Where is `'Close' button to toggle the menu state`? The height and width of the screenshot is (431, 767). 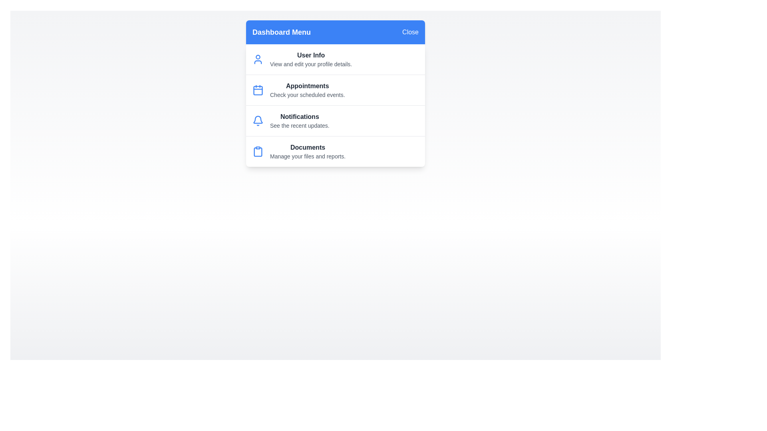 'Close' button to toggle the menu state is located at coordinates (410, 32).